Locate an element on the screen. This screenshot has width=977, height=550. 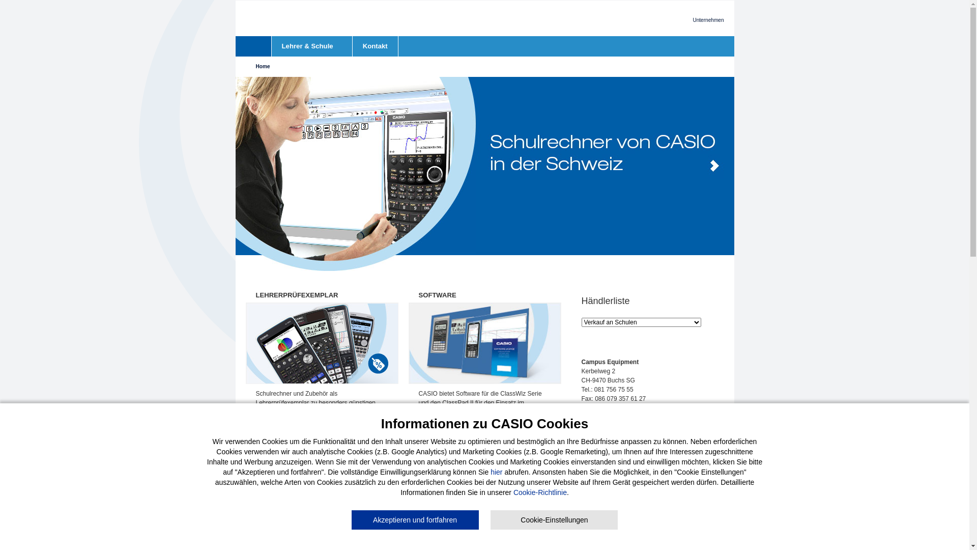
'Cookie-Richtlinie' is located at coordinates (539, 492).